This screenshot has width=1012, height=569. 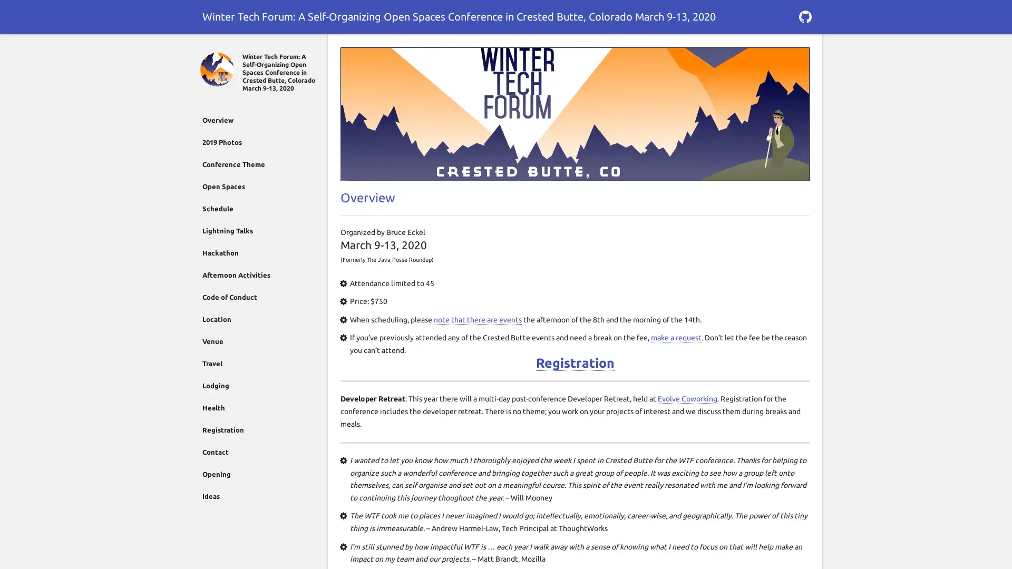 I want to click on Search, so click(x=804, y=46).